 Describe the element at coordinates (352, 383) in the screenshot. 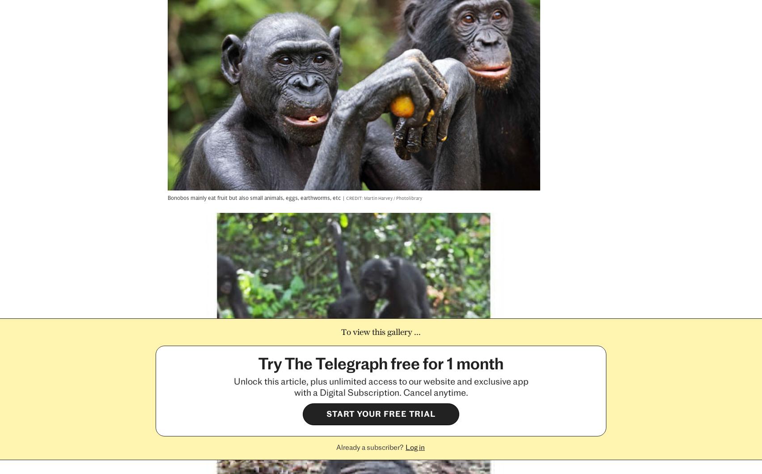

I see `'Fantasy Sport'` at that location.